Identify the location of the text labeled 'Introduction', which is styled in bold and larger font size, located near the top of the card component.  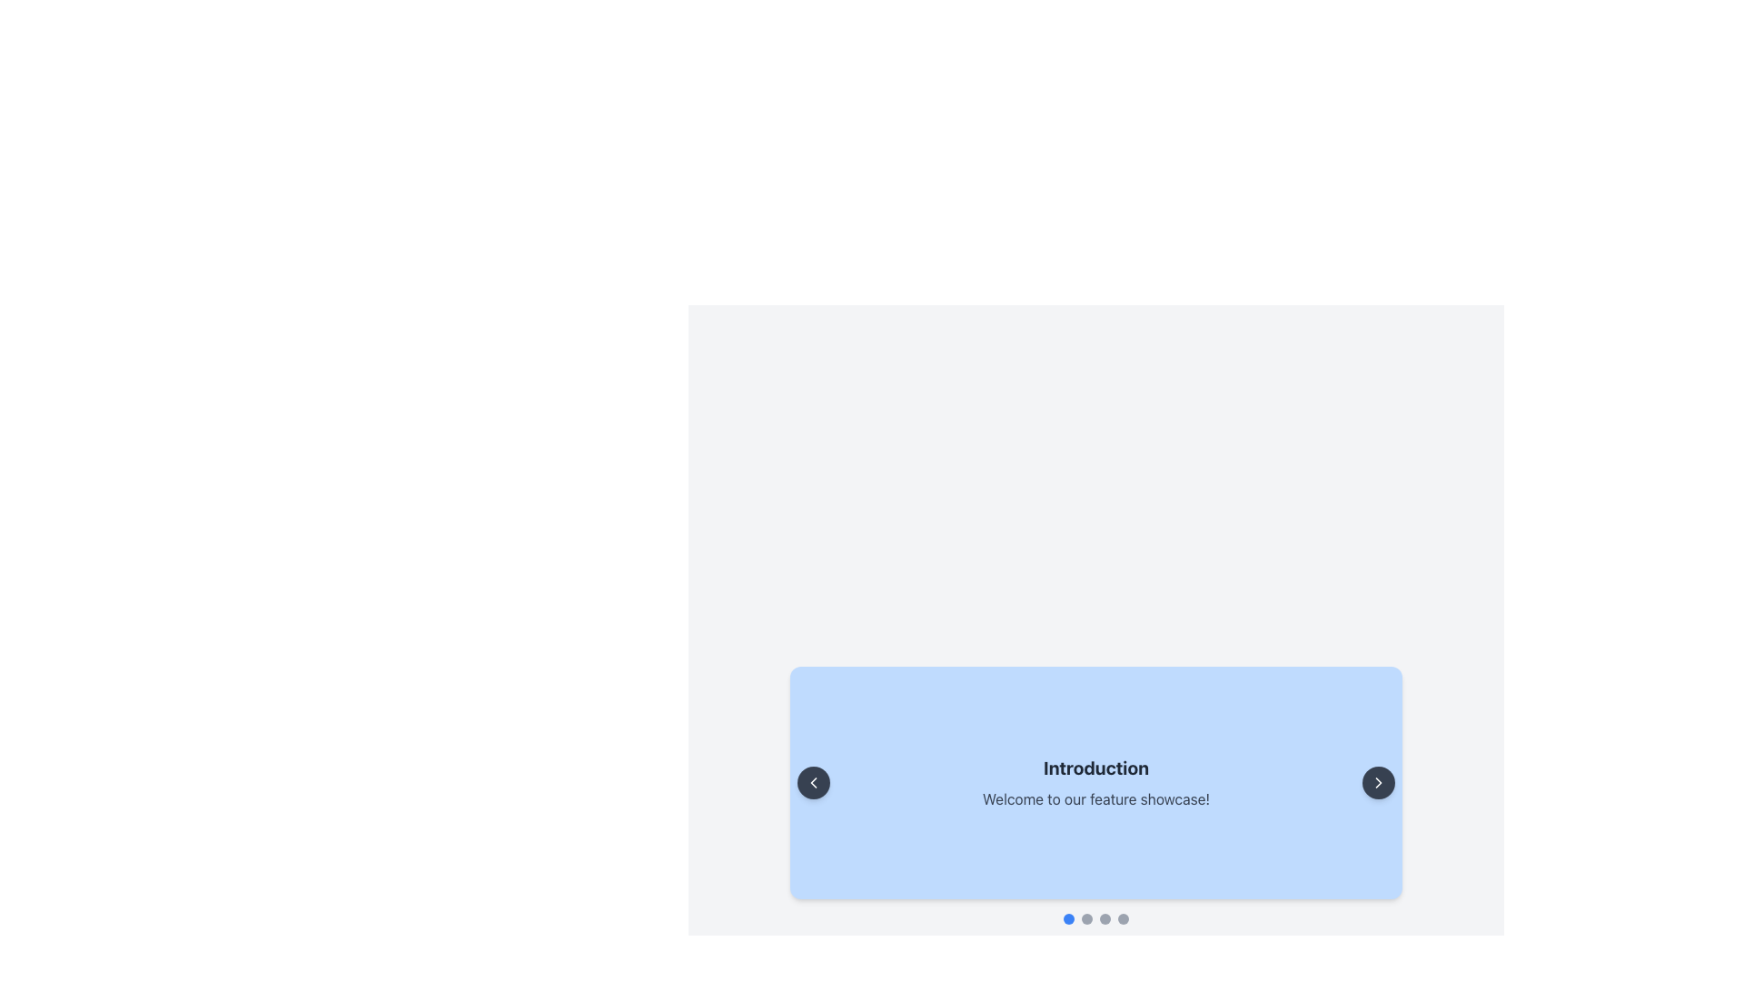
(1095, 768).